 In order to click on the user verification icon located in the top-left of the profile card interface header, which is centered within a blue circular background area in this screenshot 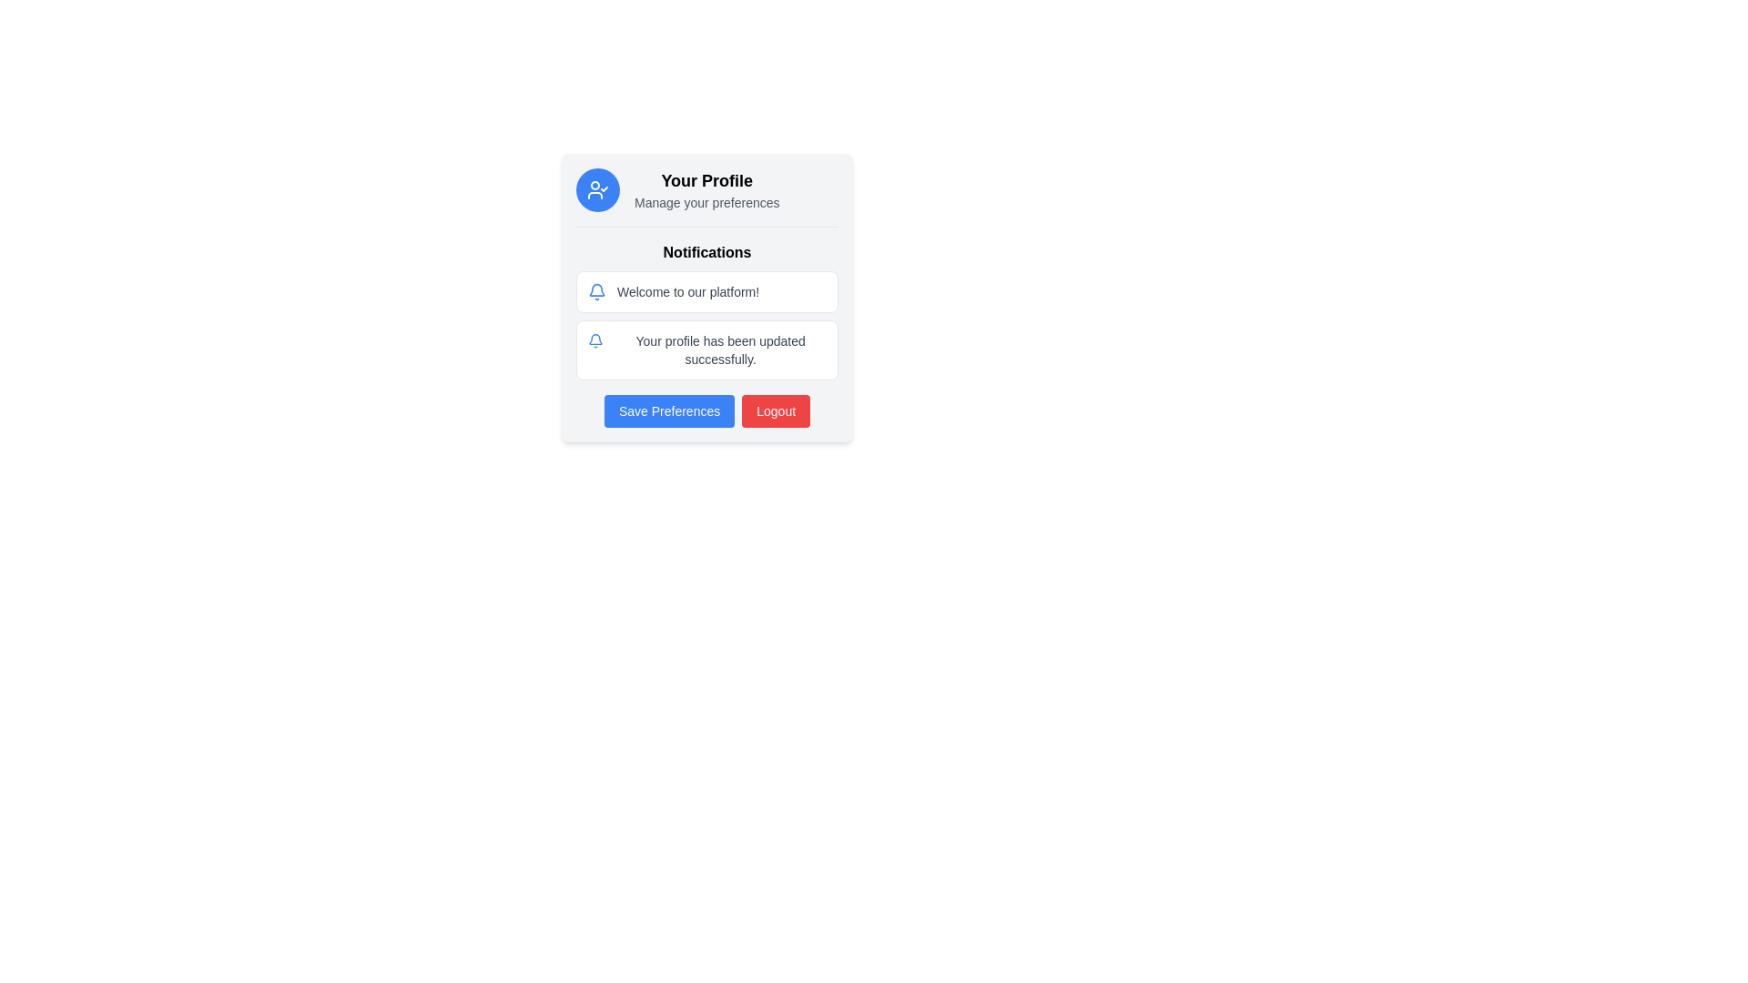, I will do `click(598, 189)`.